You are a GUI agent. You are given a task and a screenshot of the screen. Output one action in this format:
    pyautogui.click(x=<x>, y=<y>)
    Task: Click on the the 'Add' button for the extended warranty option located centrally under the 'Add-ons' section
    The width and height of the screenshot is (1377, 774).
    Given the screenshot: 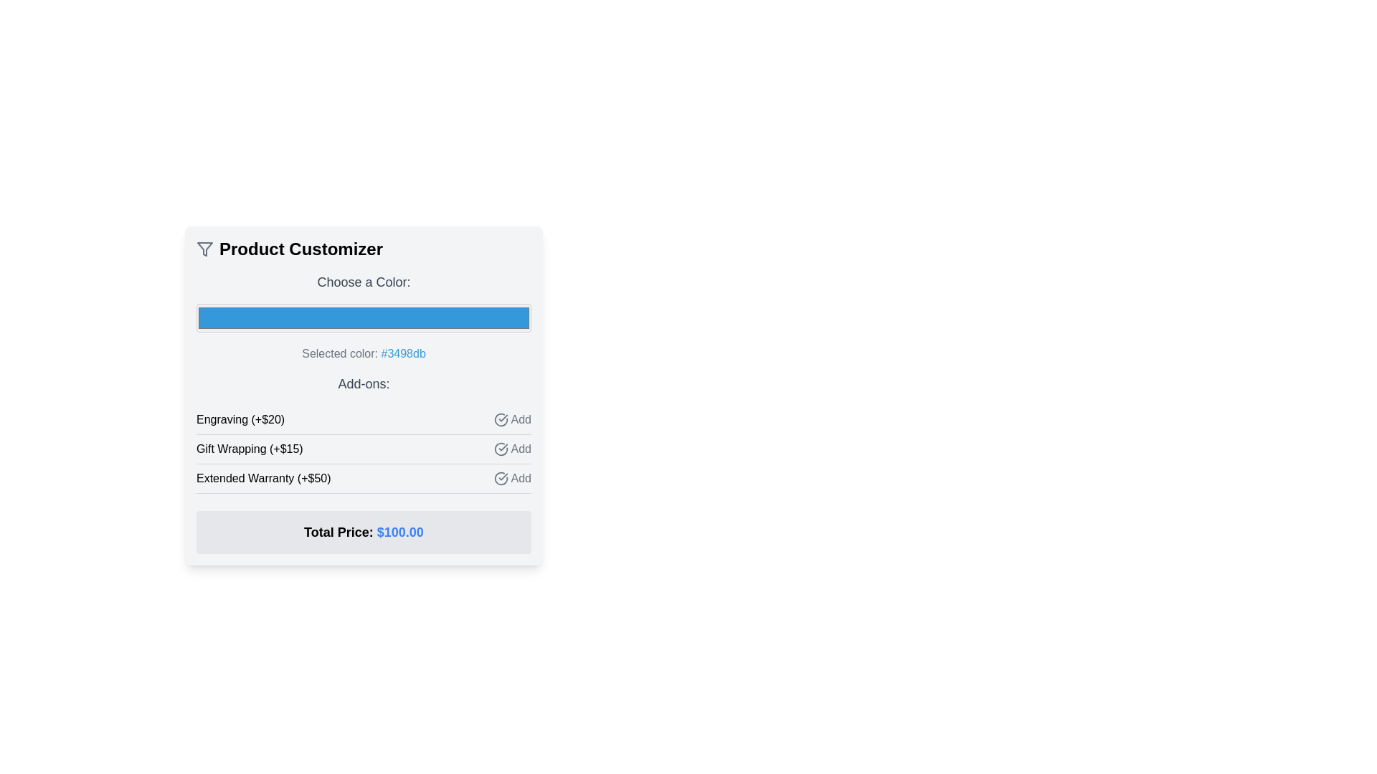 What is the action you would take?
    pyautogui.click(x=364, y=479)
    